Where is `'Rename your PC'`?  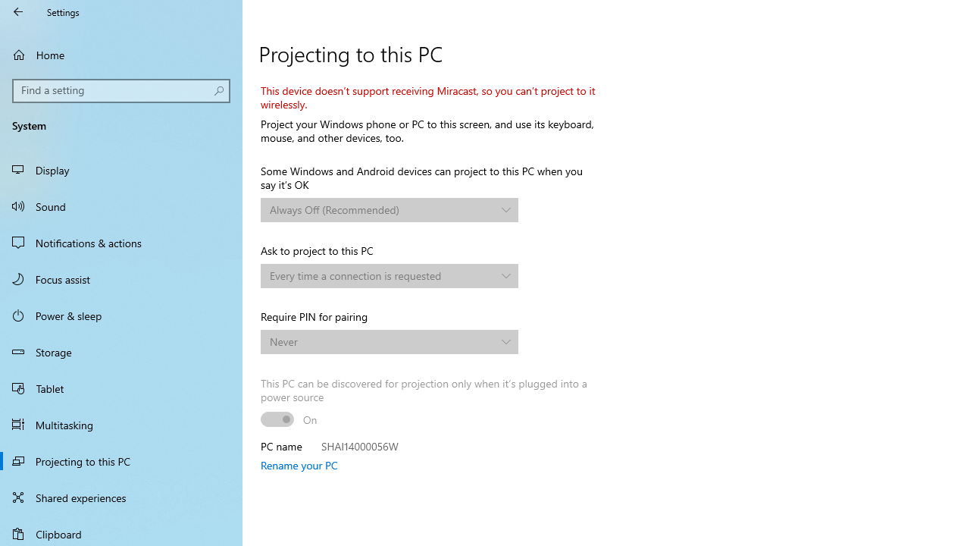 'Rename your PC' is located at coordinates (299, 464).